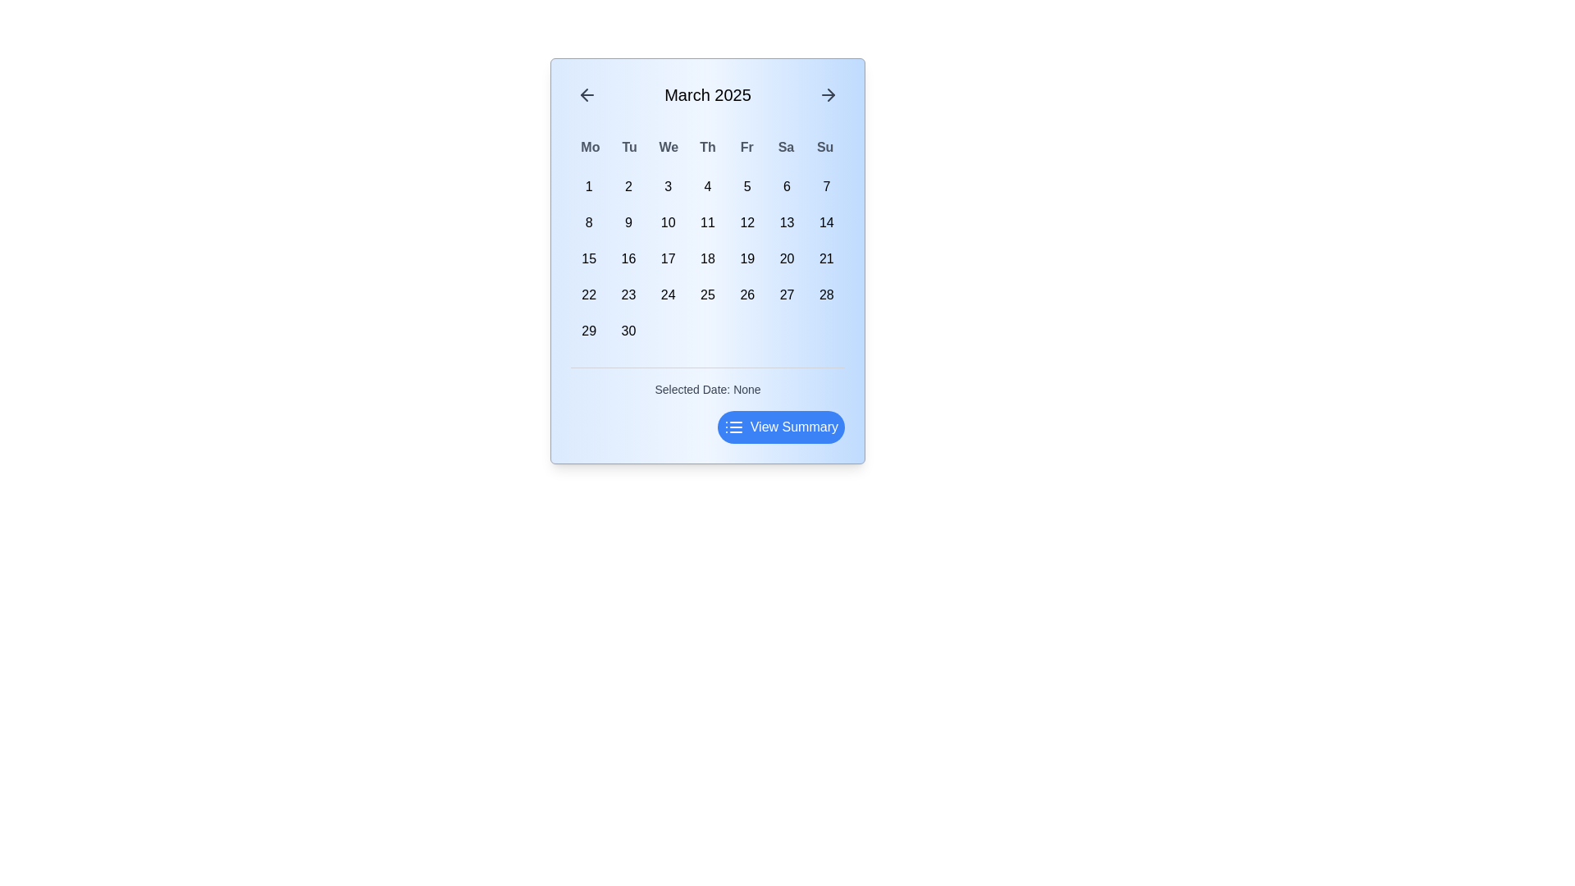 The image size is (1575, 886). I want to click on the button displaying the number '4' in black text, which is styled as a rounded square and is located in the fourth position of the top row in a calendar layout, so click(708, 185).